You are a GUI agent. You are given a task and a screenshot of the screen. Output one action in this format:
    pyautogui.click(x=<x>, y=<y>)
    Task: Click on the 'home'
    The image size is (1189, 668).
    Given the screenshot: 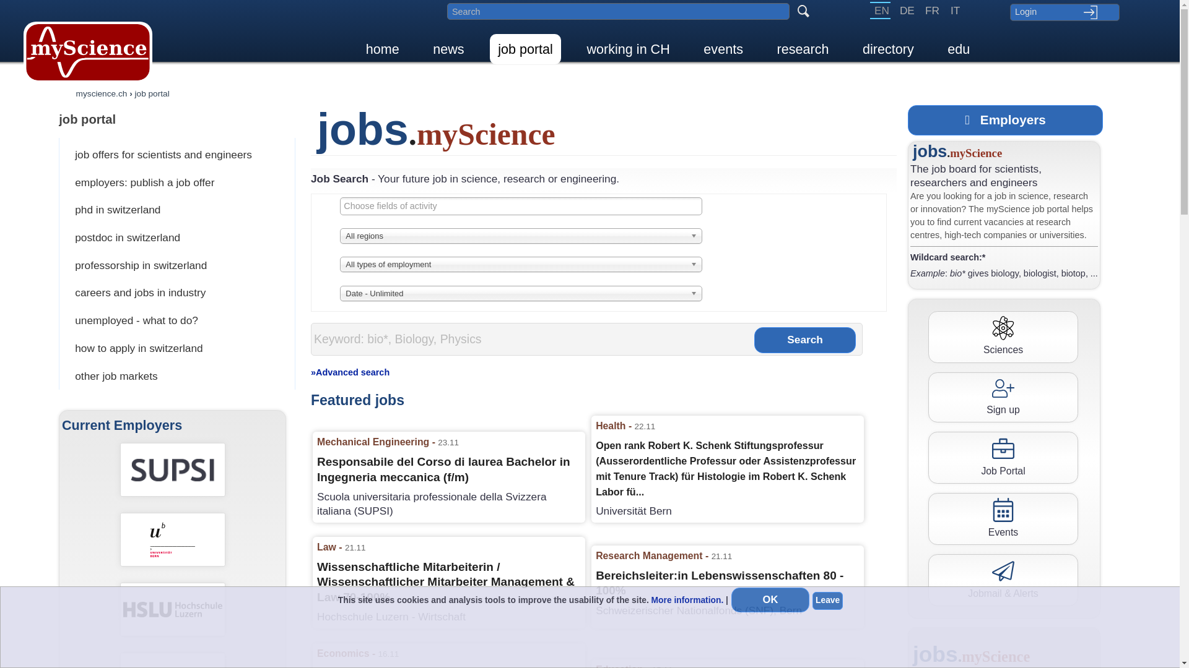 What is the action you would take?
    pyautogui.click(x=382, y=48)
    